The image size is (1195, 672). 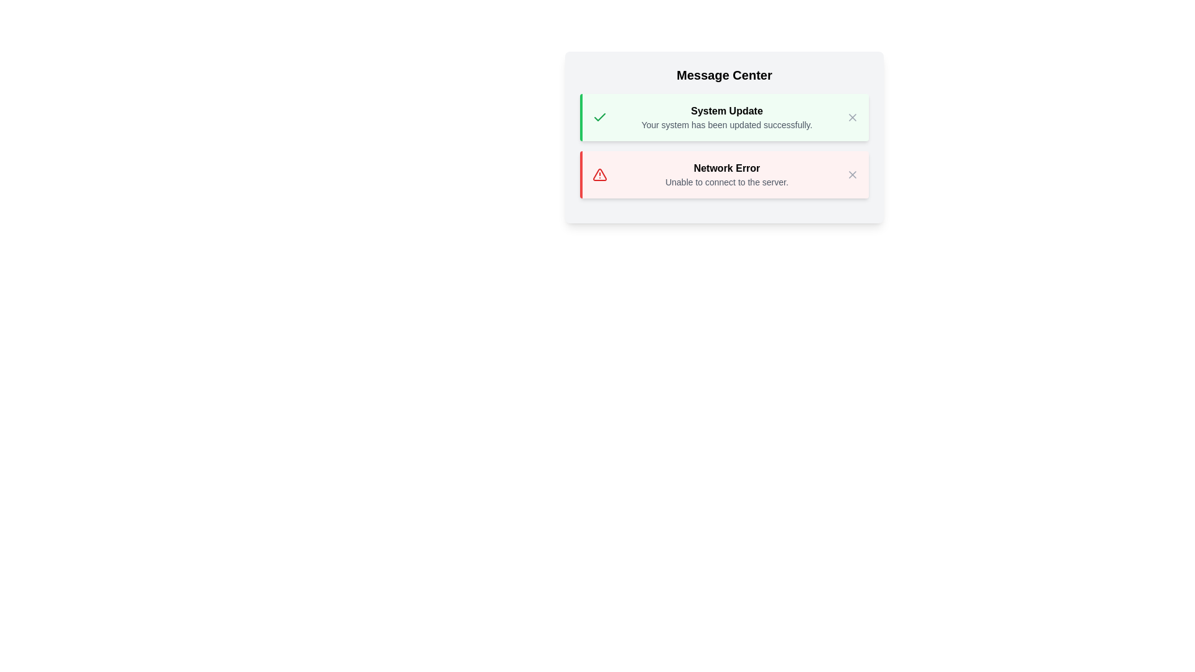 I want to click on error message located in the lower section of the card labeled 'Network Error', which states 'Unable to connect to the server.', so click(x=726, y=175).